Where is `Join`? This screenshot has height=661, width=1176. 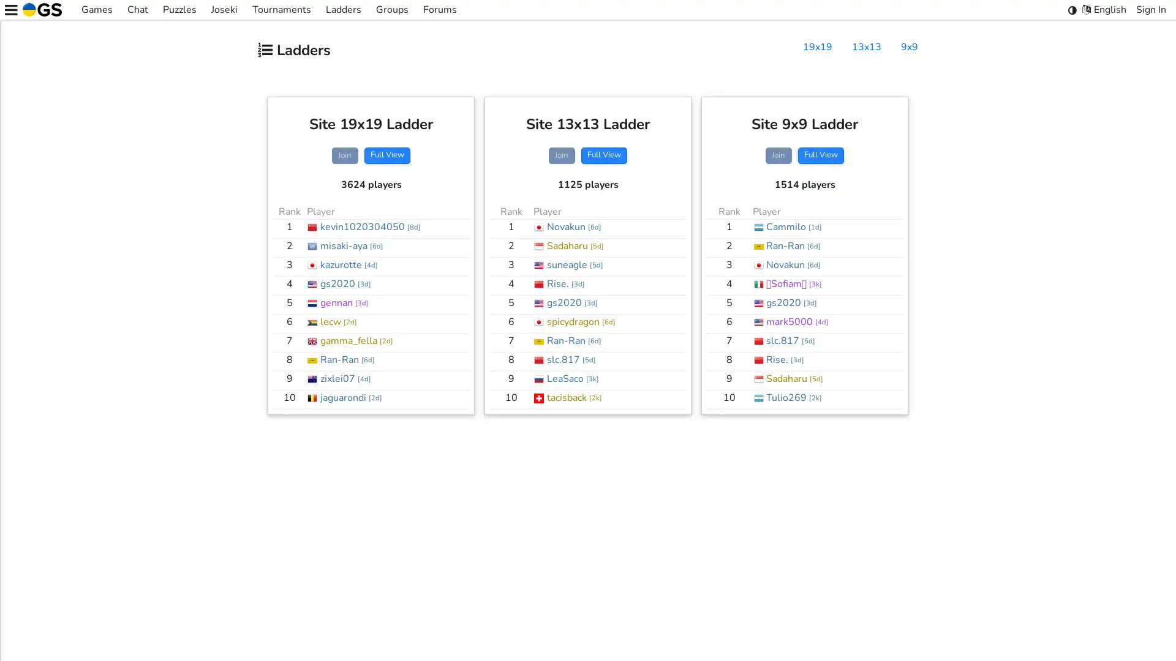 Join is located at coordinates (560, 155).